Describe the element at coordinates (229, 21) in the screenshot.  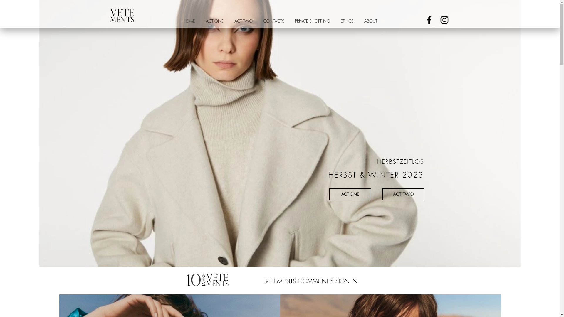
I see `'ACT TWO'` at that location.